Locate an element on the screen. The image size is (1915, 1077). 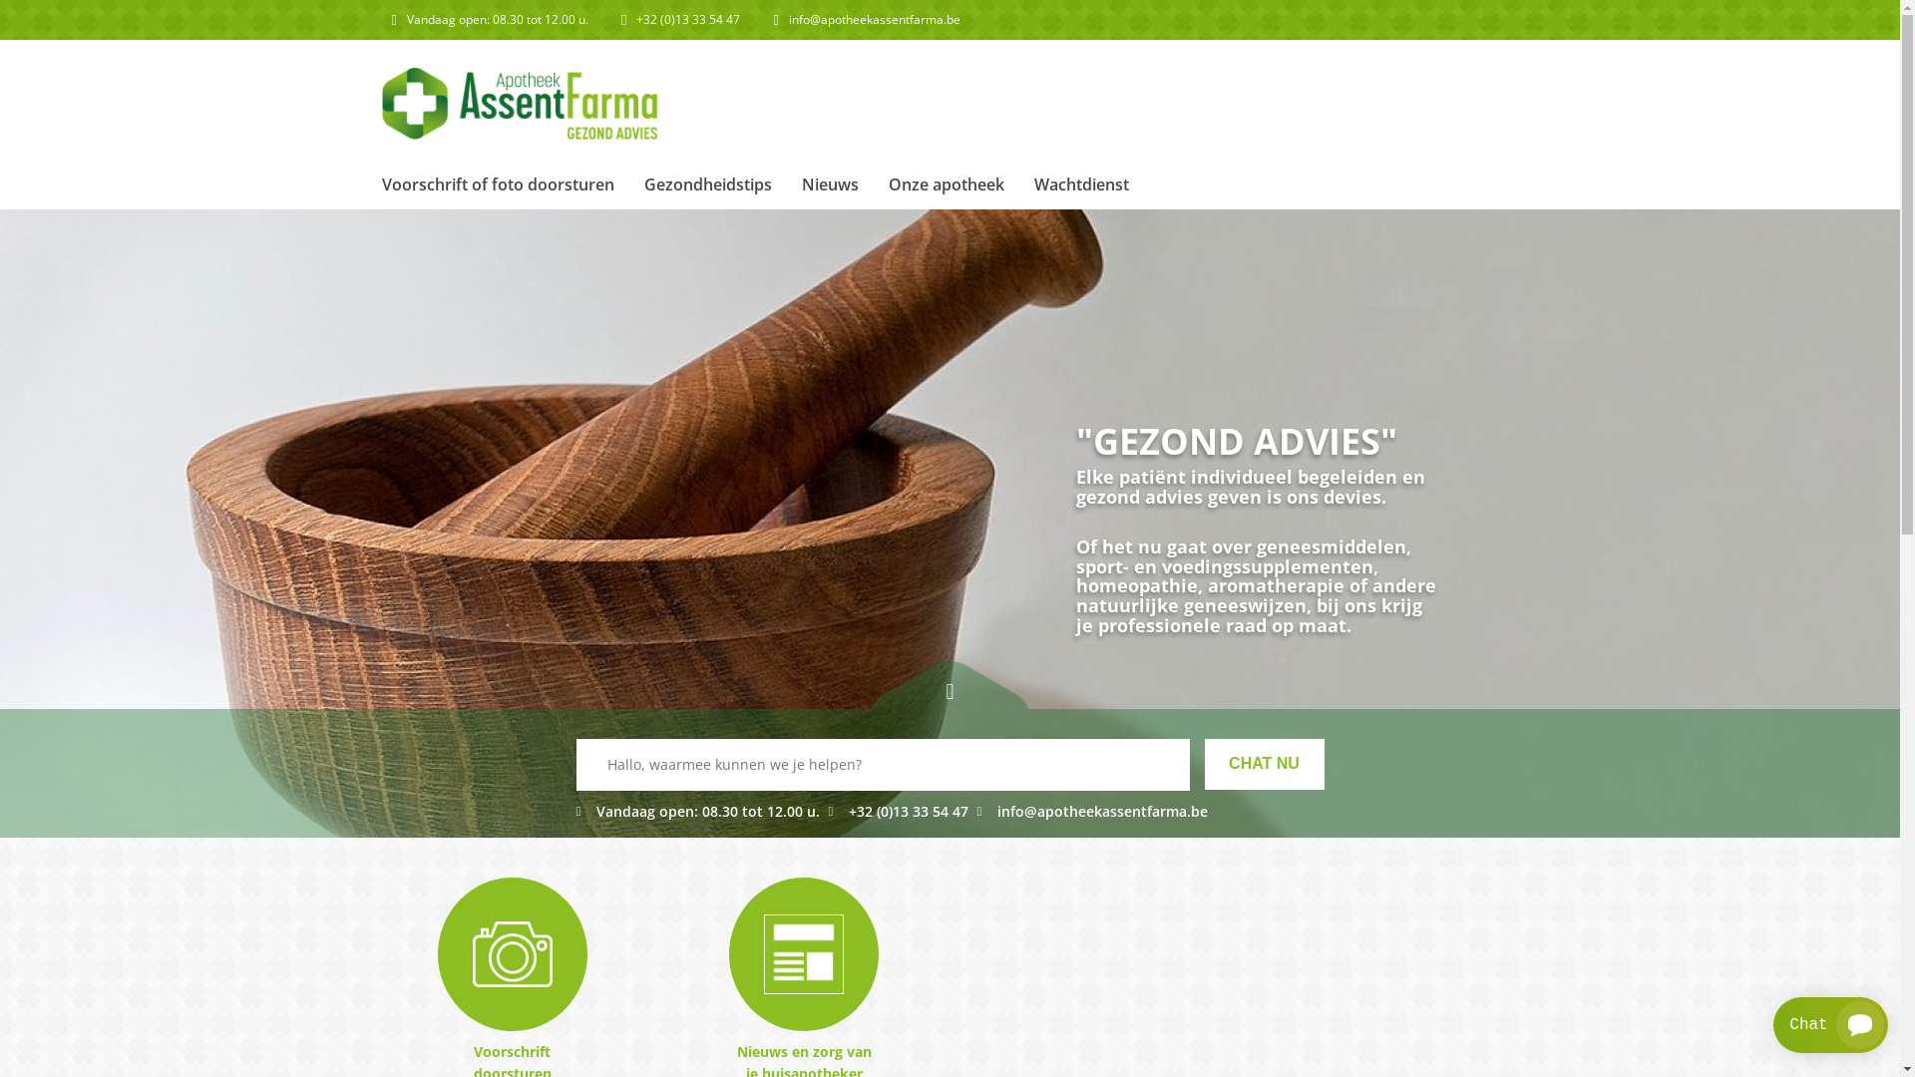
'+32 (0)13 33 54 47' is located at coordinates (688, 19).